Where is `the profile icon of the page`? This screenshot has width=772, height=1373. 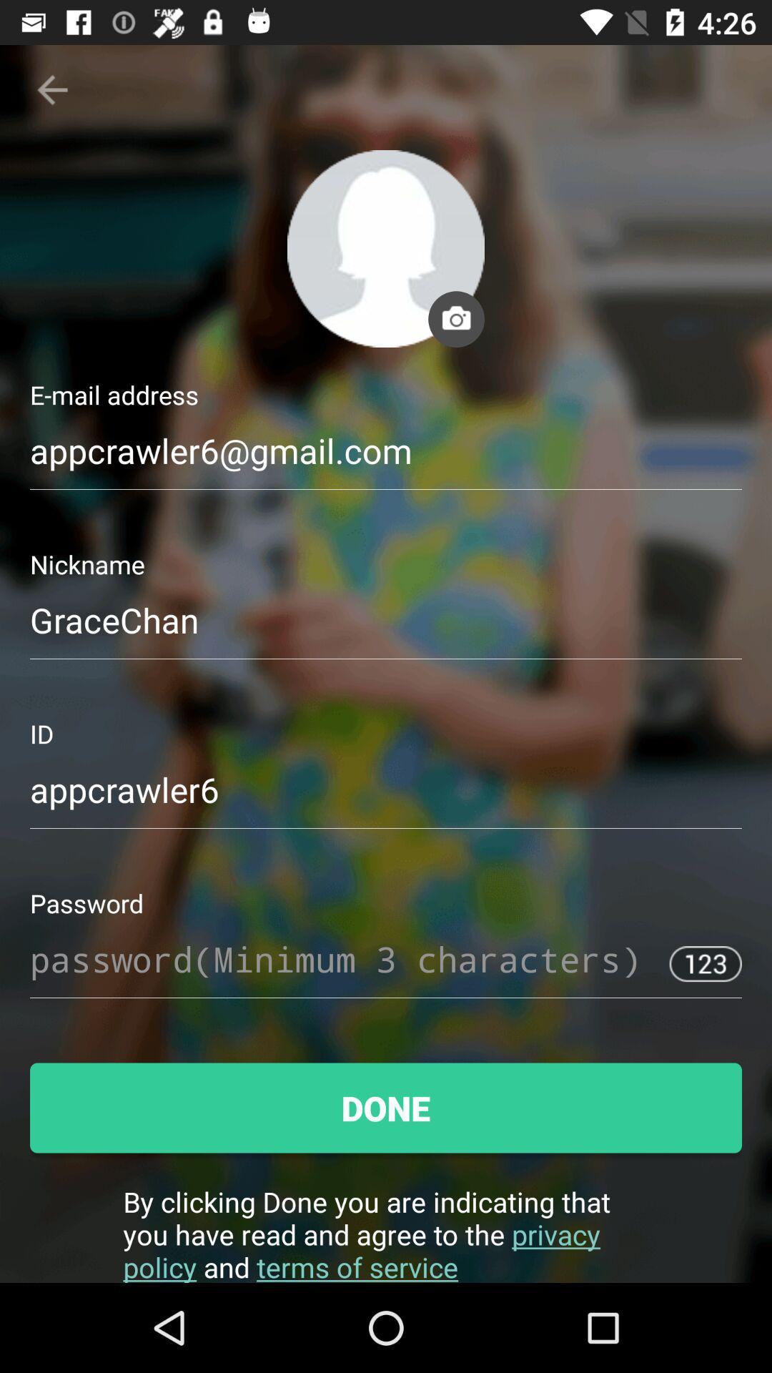
the profile icon of the page is located at coordinates (386, 249).